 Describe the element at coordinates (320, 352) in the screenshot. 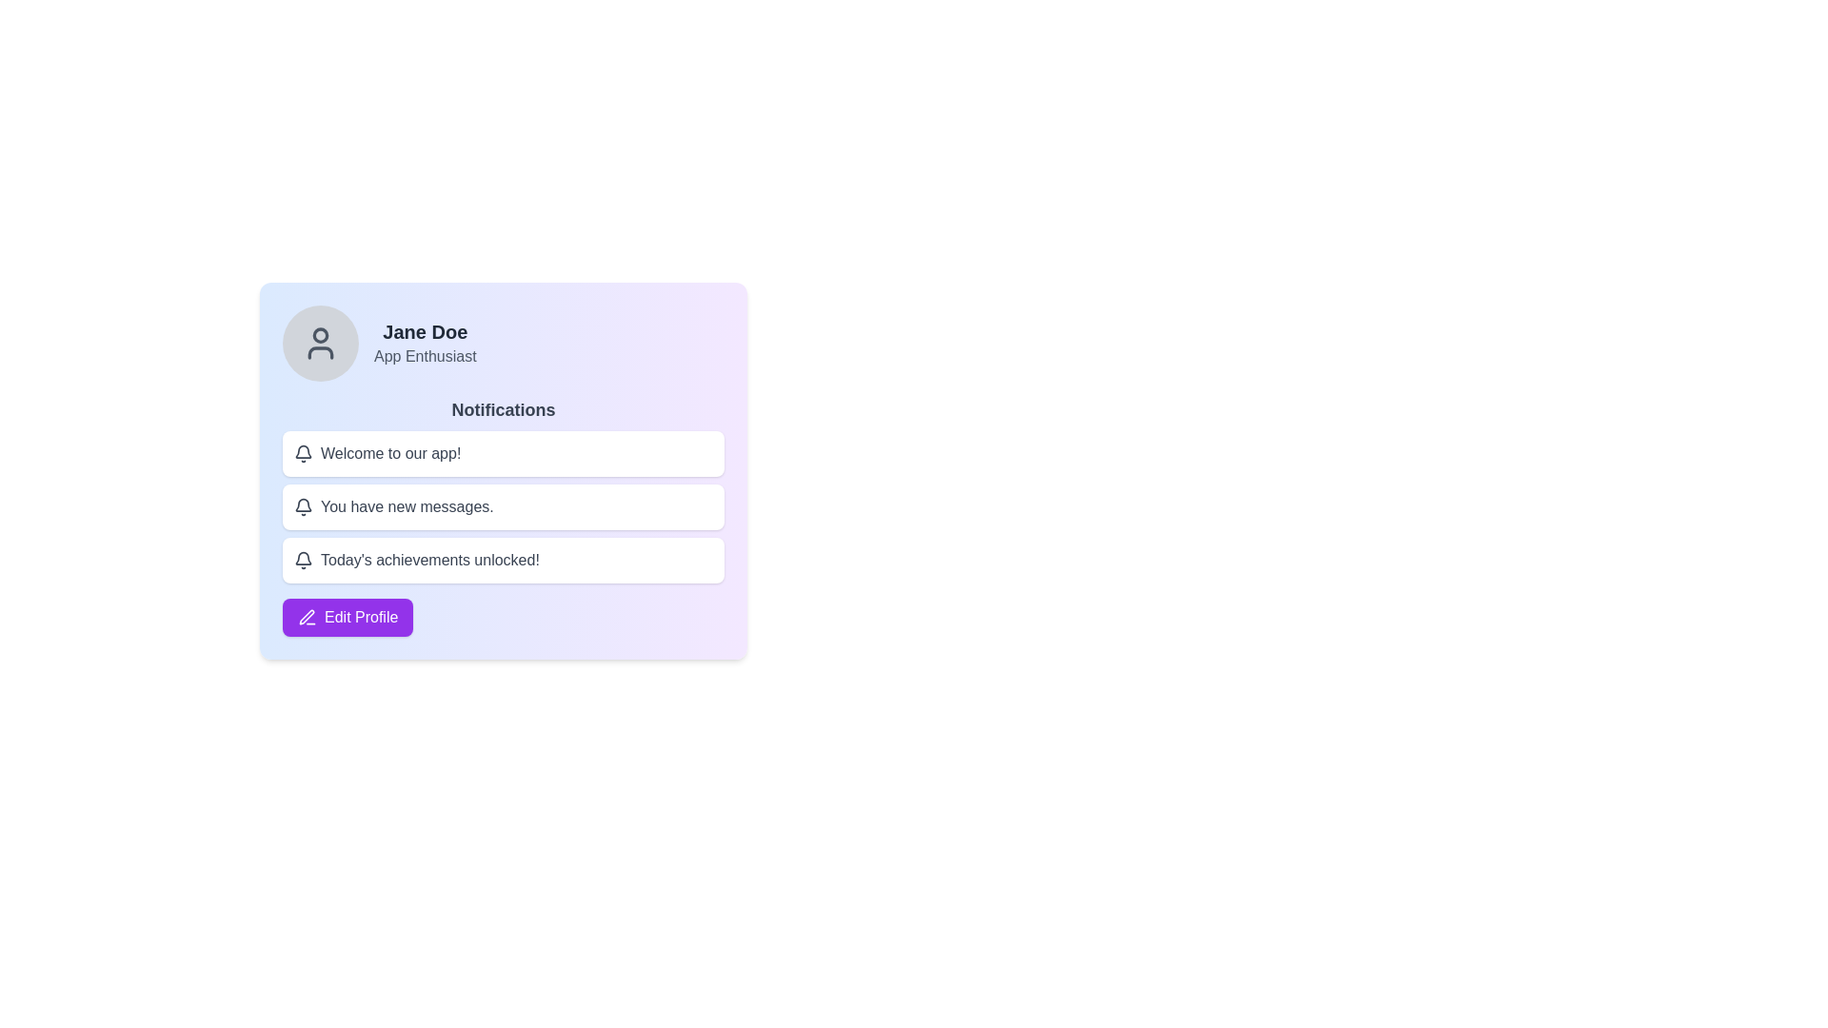

I see `the curved line graphic that forms the lower part of the user profile icon, which is positioned at the top left of the interface` at that location.